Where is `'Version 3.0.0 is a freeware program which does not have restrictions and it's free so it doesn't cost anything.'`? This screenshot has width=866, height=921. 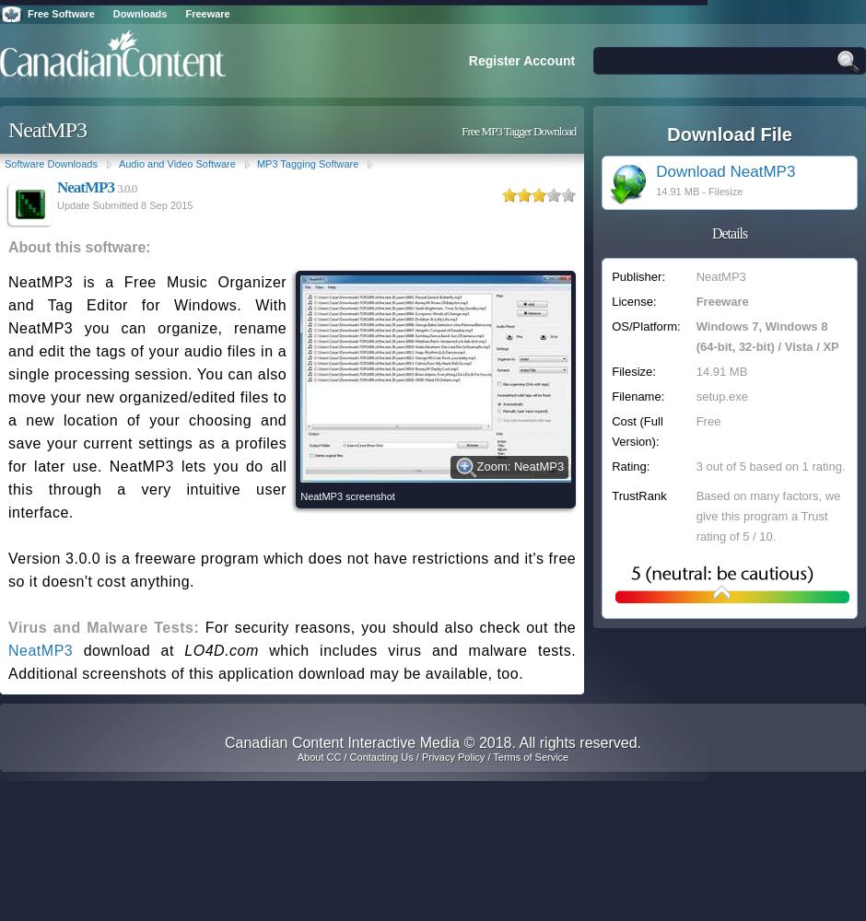
'Version 3.0.0 is a freeware program which does not have restrictions and it's free so it doesn't cost anything.' is located at coordinates (8, 569).